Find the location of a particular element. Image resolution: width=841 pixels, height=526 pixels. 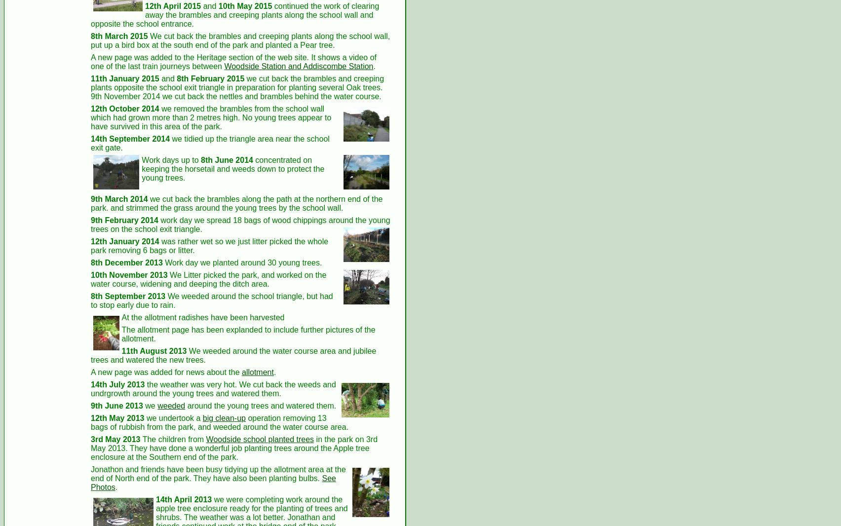

'Jonathon and friends have been busy tidying up the allotment area at the end of North end of the park. They have also been planting bulbs.' is located at coordinates (218, 474).